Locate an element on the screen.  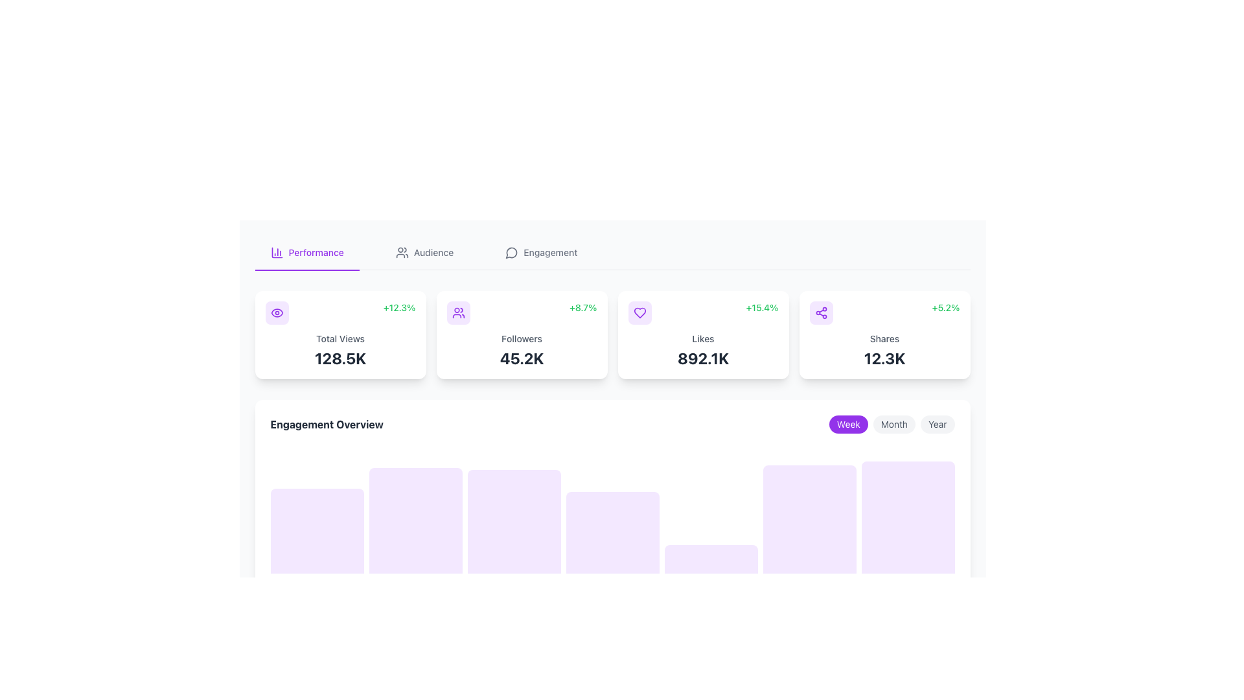
the metric display card showing total views and percentage change, which is the first card in the grid structure is located at coordinates (340, 334).